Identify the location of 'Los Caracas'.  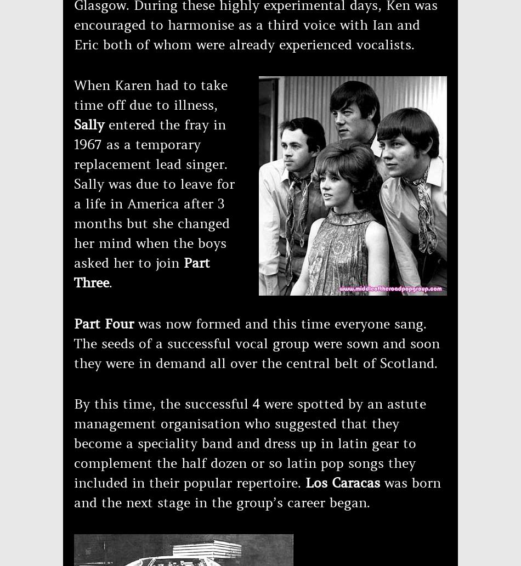
(344, 483).